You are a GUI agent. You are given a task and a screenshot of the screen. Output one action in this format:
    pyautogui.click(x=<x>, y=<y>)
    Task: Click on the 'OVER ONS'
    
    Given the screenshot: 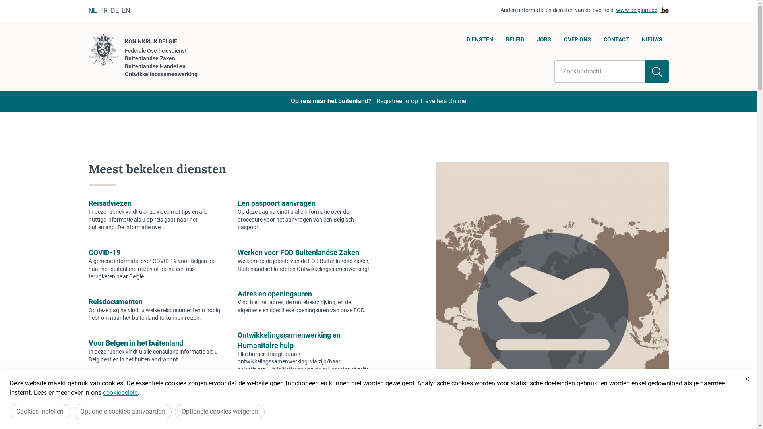 What is the action you would take?
    pyautogui.click(x=577, y=41)
    